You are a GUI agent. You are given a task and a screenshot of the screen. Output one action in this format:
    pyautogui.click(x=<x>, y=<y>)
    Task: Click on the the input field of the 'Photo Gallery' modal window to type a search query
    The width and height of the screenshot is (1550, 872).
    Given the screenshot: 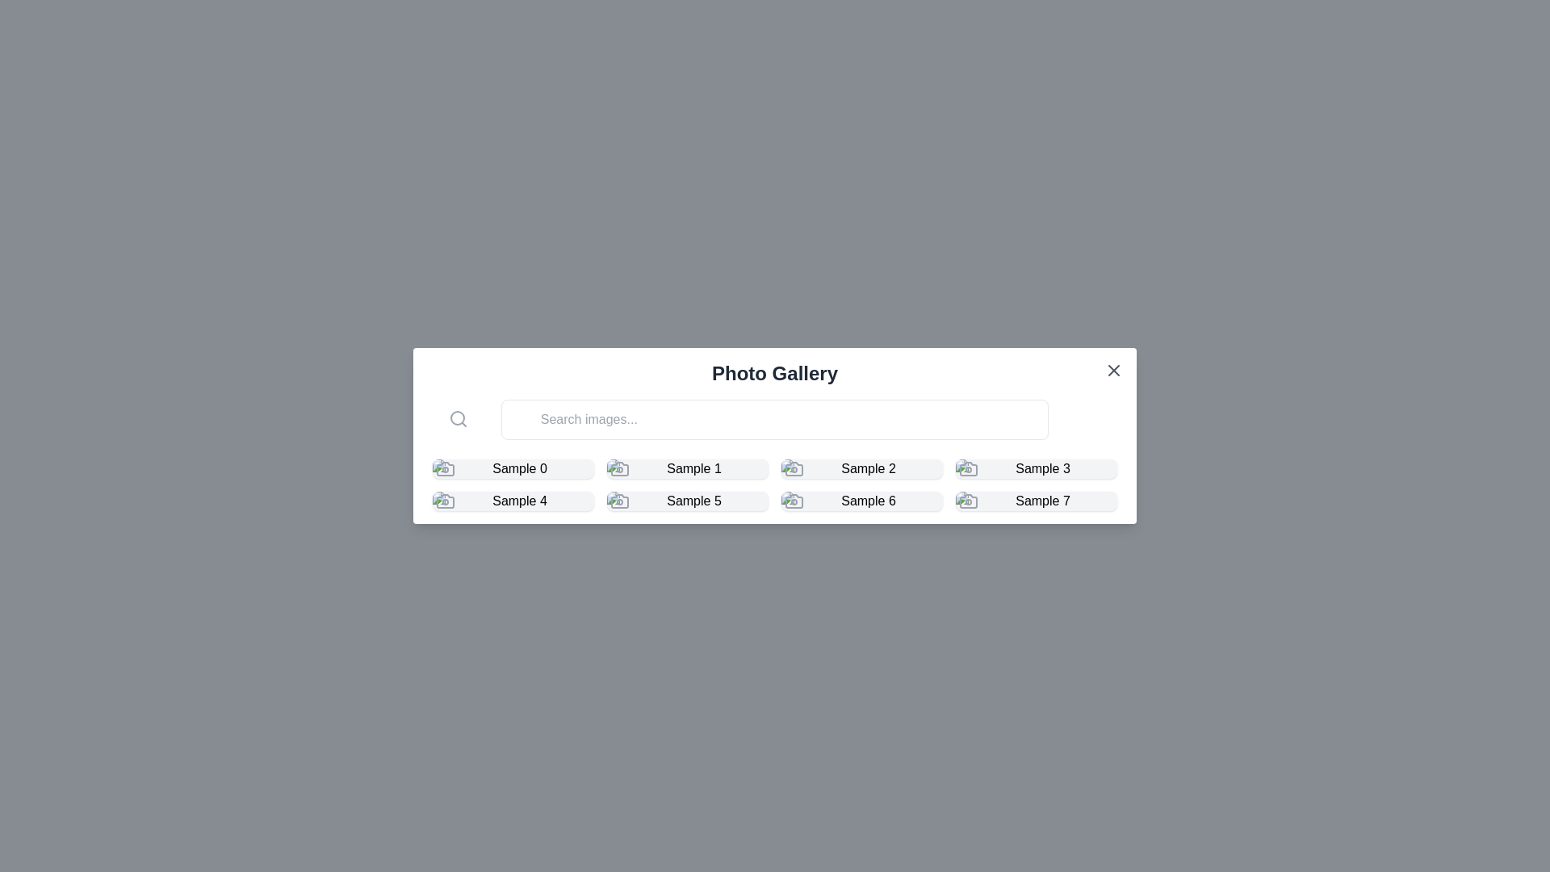 What is the action you would take?
    pyautogui.click(x=775, y=436)
    